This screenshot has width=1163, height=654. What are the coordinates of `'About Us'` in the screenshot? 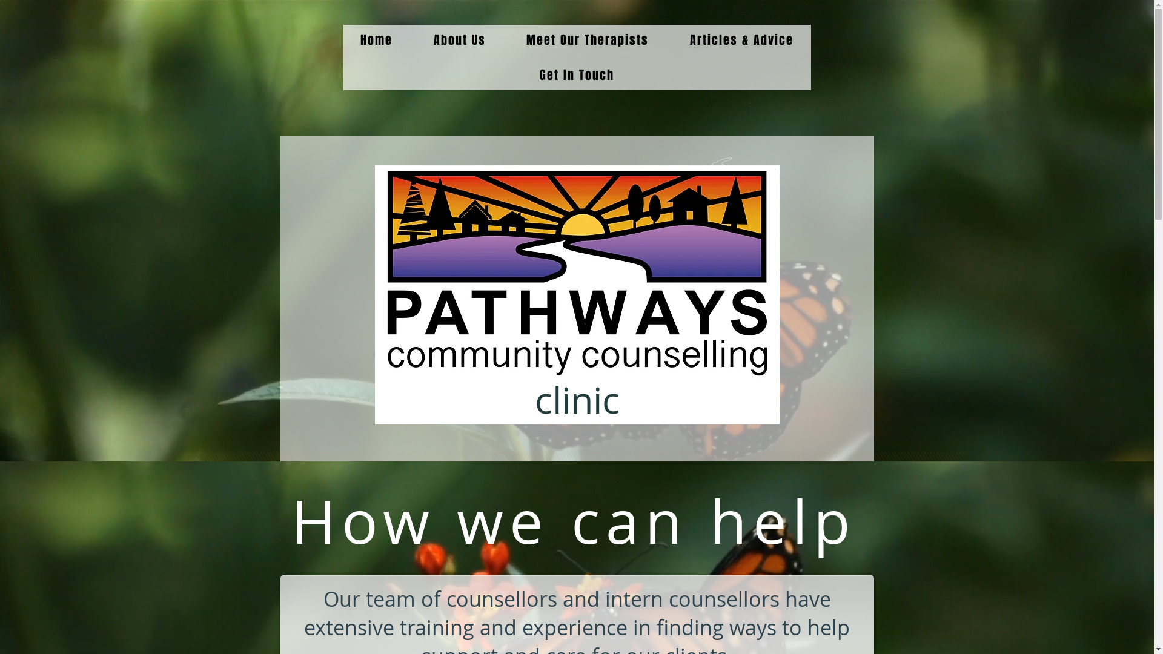 It's located at (416, 39).